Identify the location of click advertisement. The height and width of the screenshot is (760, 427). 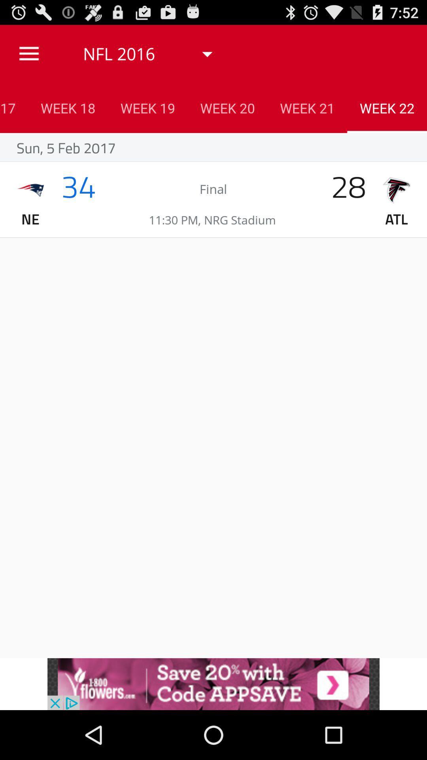
(213, 684).